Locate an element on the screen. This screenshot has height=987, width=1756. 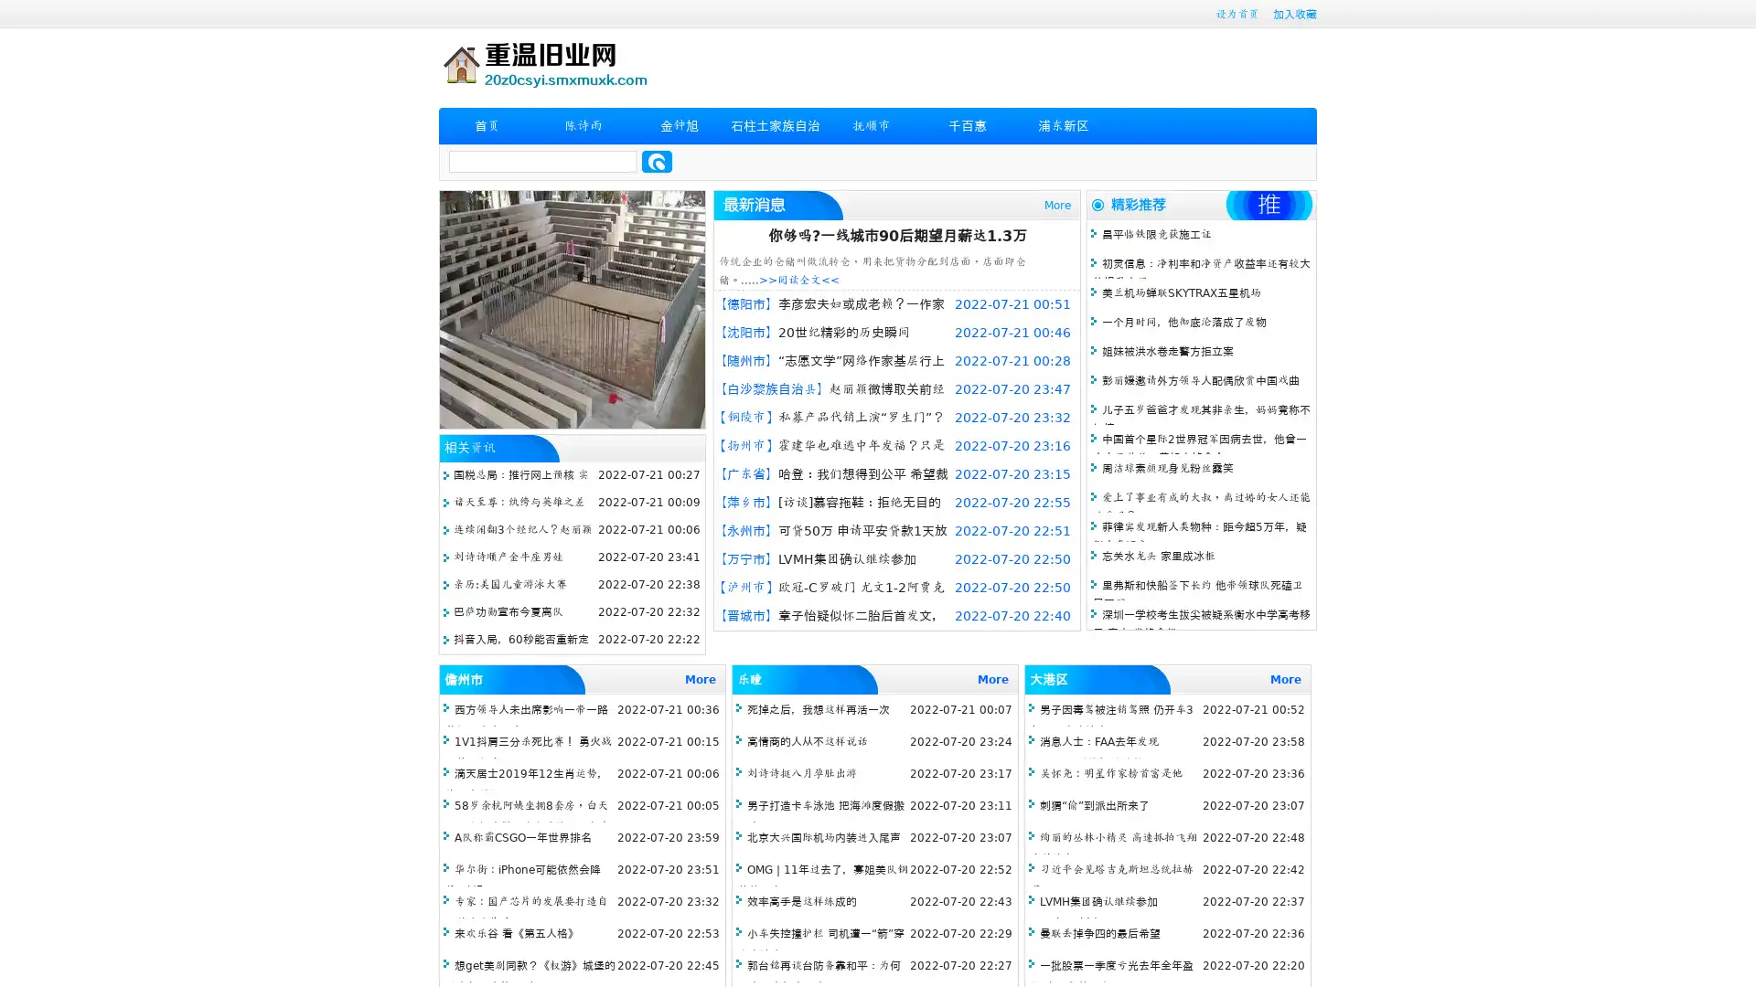
Search is located at coordinates (657, 161).